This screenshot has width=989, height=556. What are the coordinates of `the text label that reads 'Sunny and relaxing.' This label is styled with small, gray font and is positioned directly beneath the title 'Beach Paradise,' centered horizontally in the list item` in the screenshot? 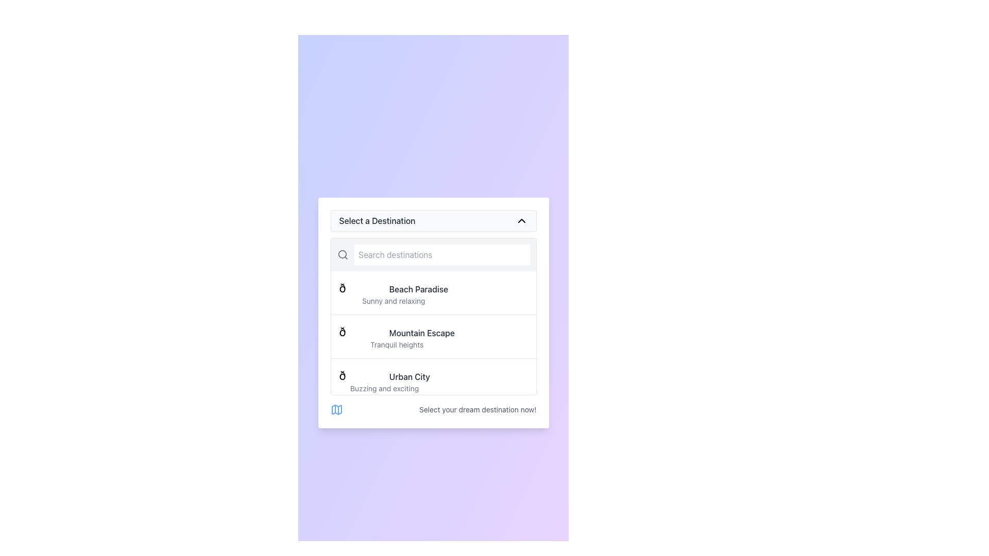 It's located at (393, 301).